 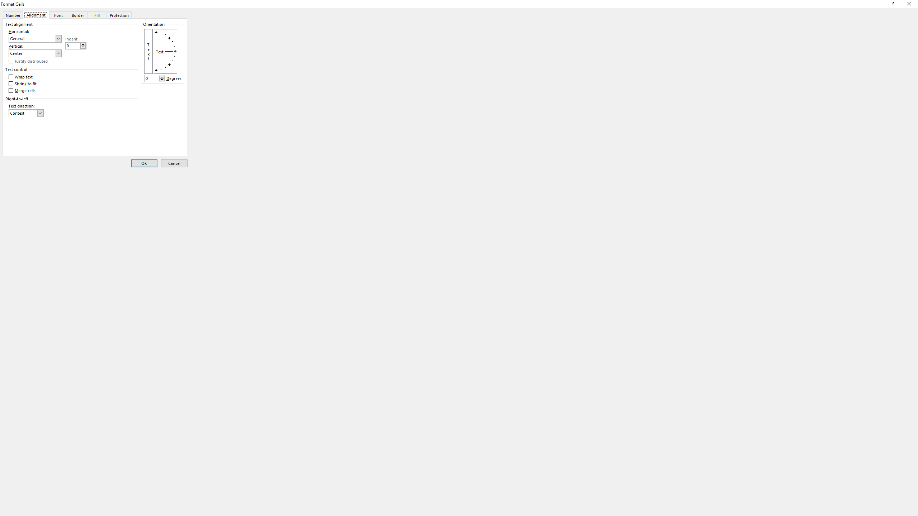 I want to click on 'Font', so click(x=58, y=15).